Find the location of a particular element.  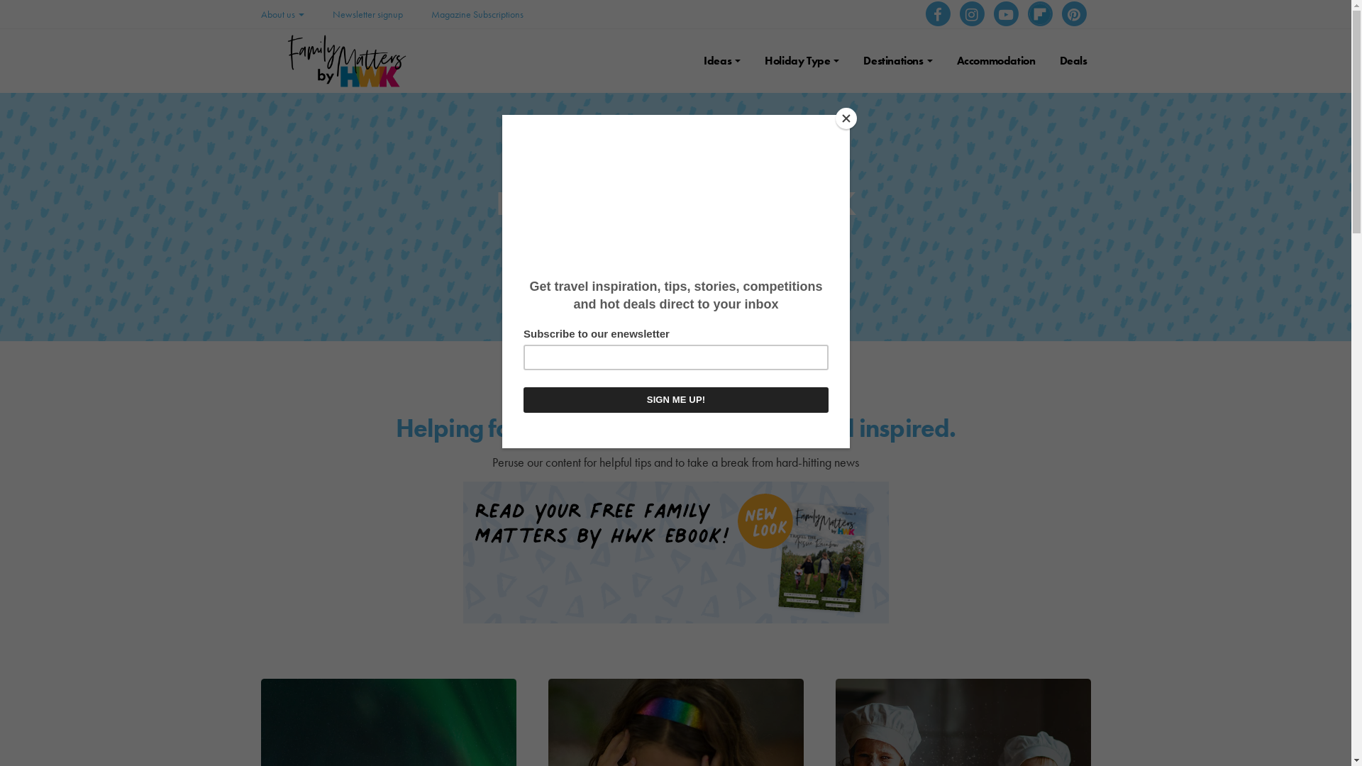

'Ideas' is located at coordinates (721, 60).